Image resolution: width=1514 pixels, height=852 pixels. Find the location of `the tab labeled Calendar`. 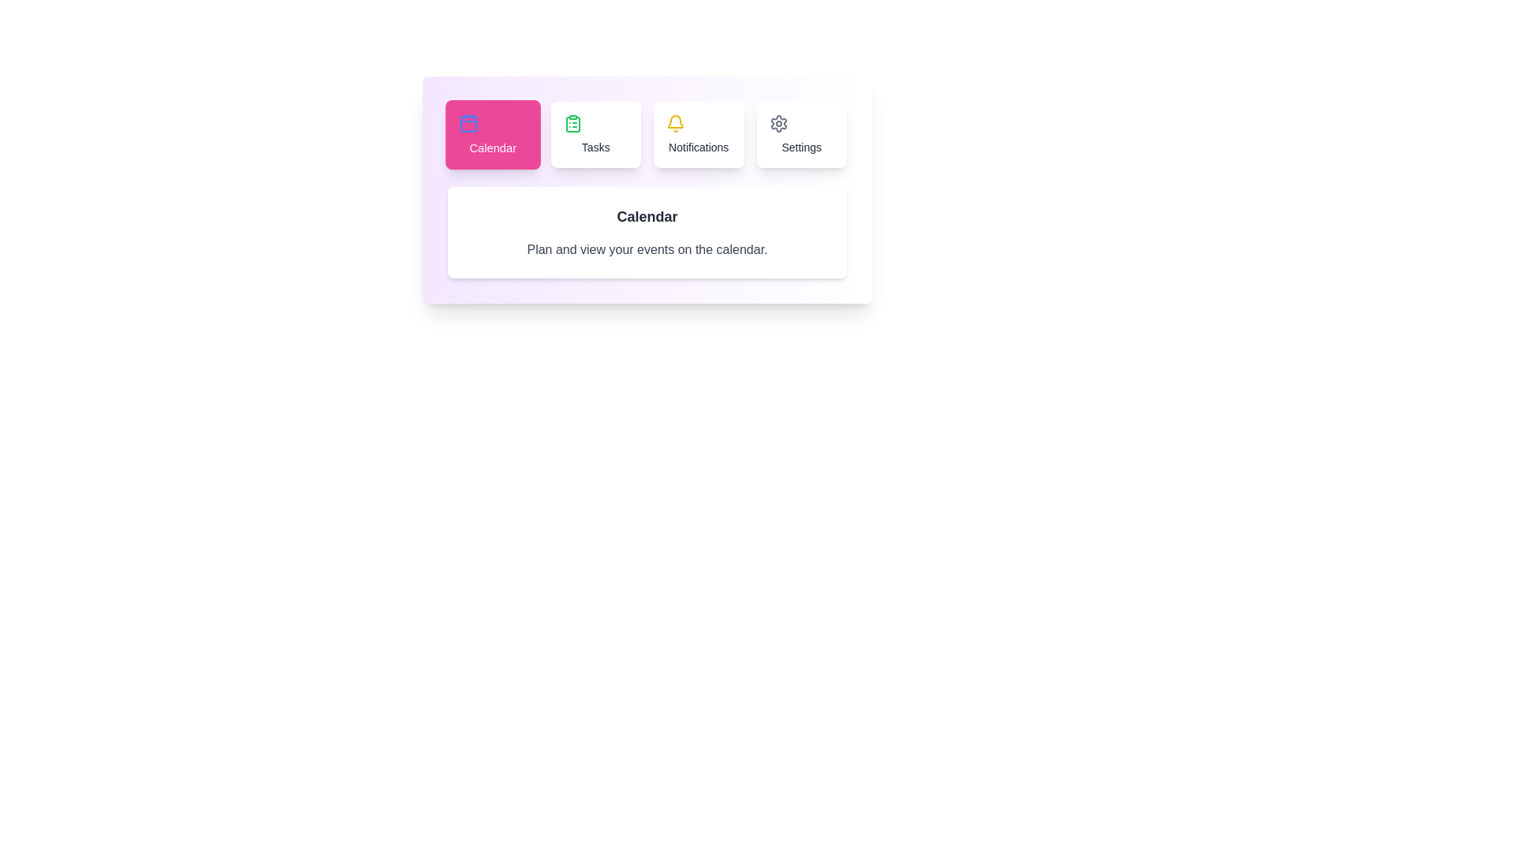

the tab labeled Calendar is located at coordinates (492, 133).